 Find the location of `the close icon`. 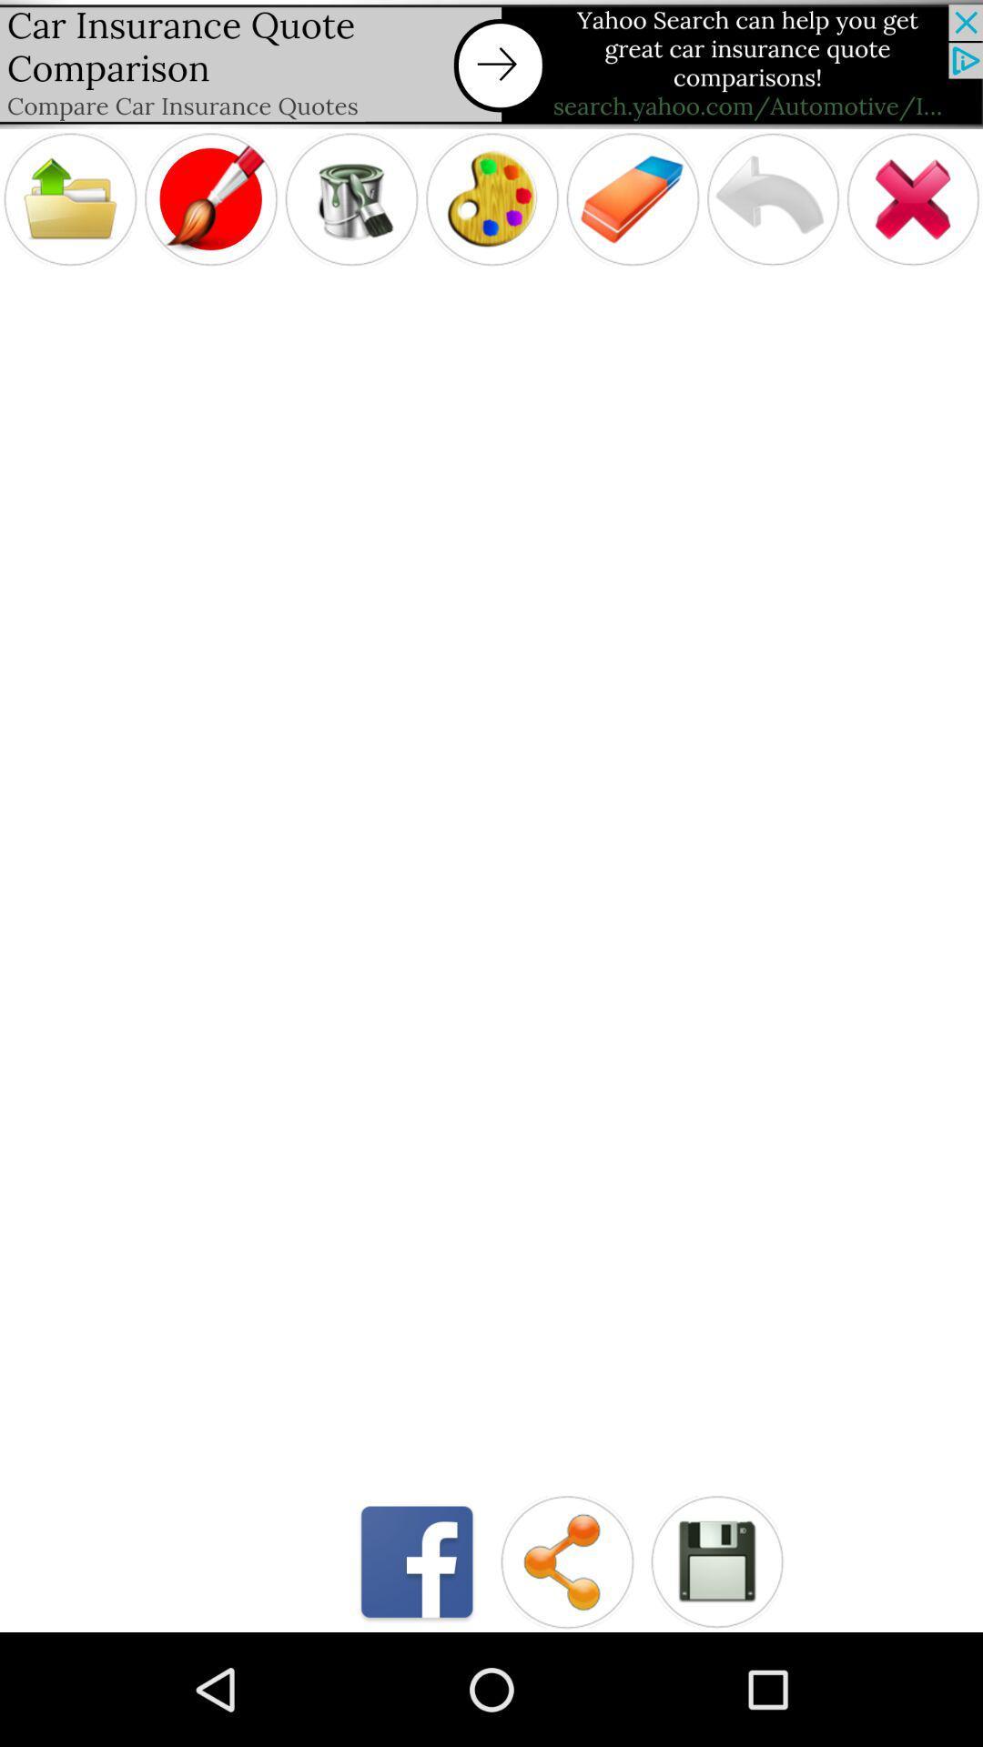

the close icon is located at coordinates (913, 213).